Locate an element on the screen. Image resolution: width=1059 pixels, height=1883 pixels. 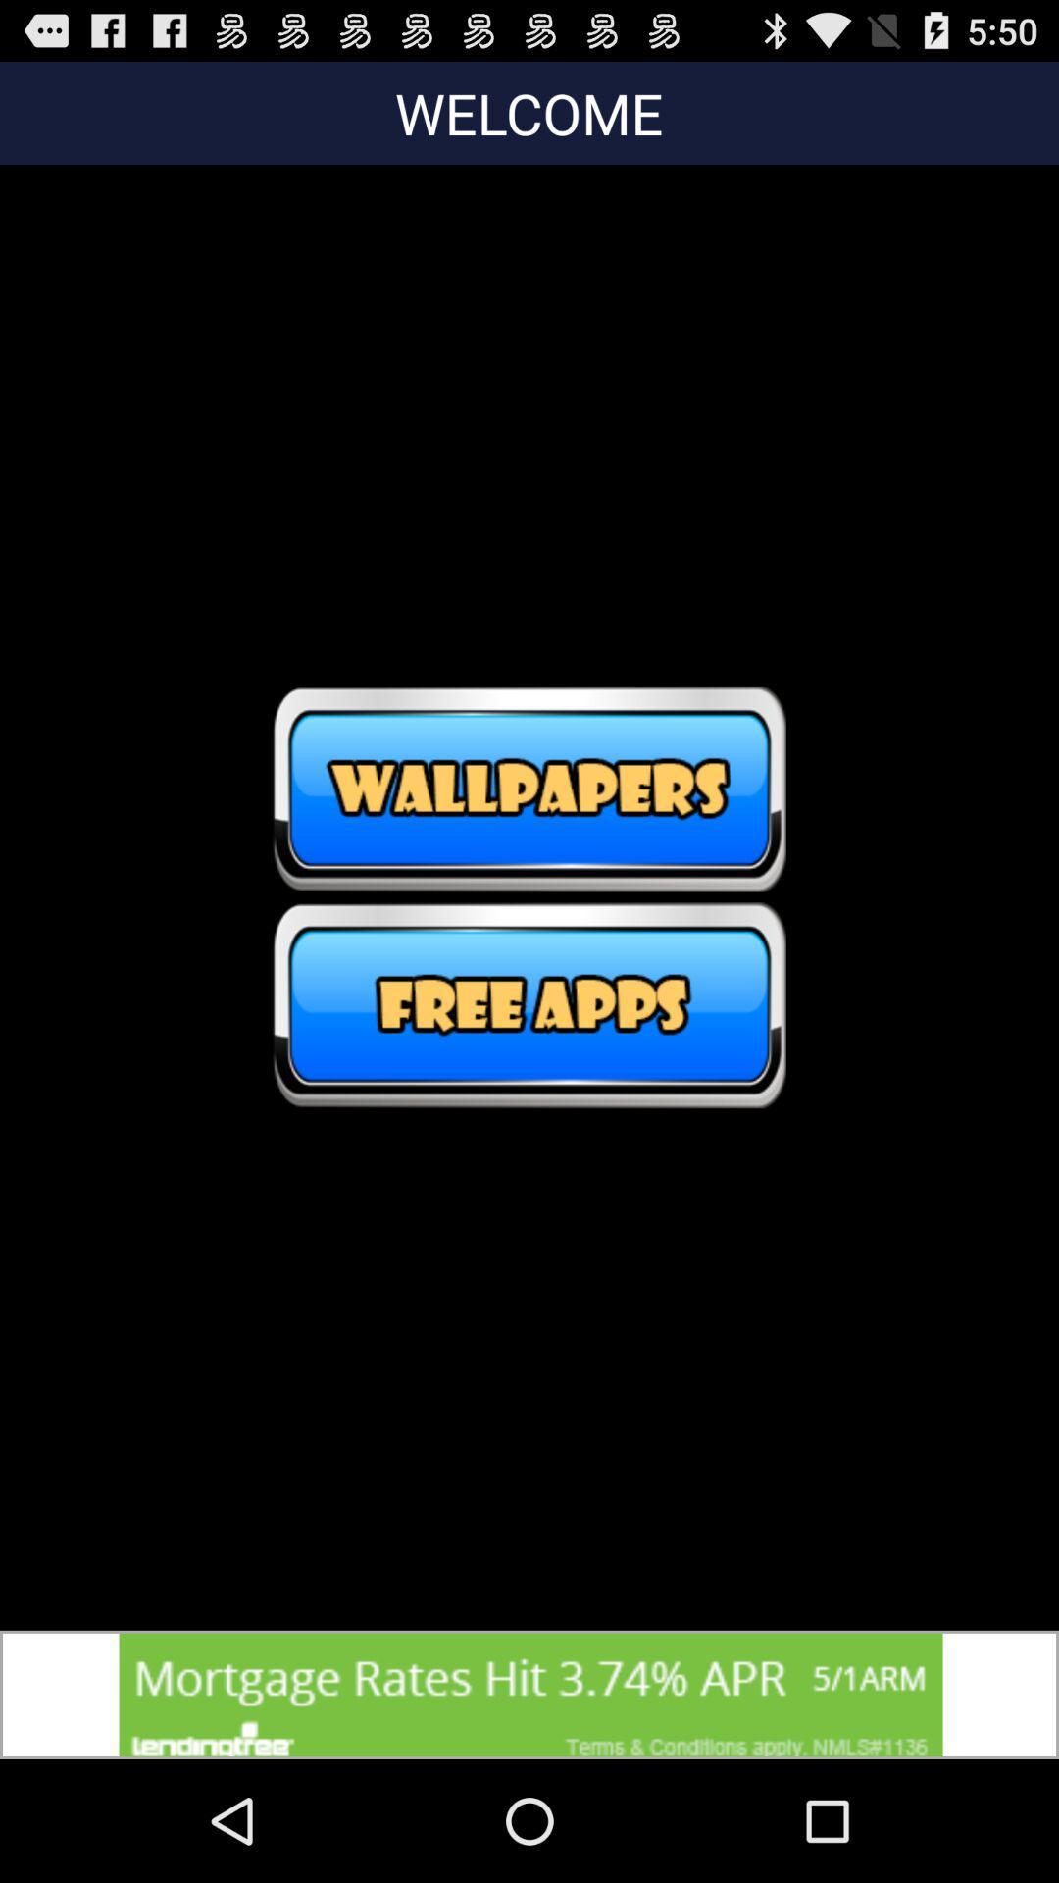
wall paper option is located at coordinates (529, 789).